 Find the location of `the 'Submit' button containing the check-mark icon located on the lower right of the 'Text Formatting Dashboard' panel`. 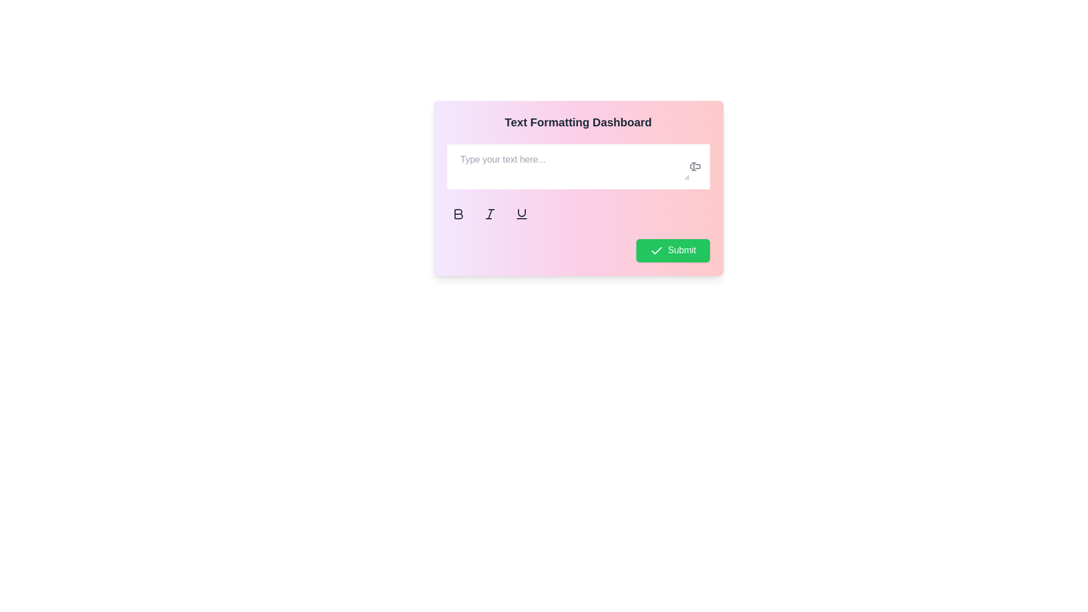

the 'Submit' button containing the check-mark icon located on the lower right of the 'Text Formatting Dashboard' panel is located at coordinates (656, 250).